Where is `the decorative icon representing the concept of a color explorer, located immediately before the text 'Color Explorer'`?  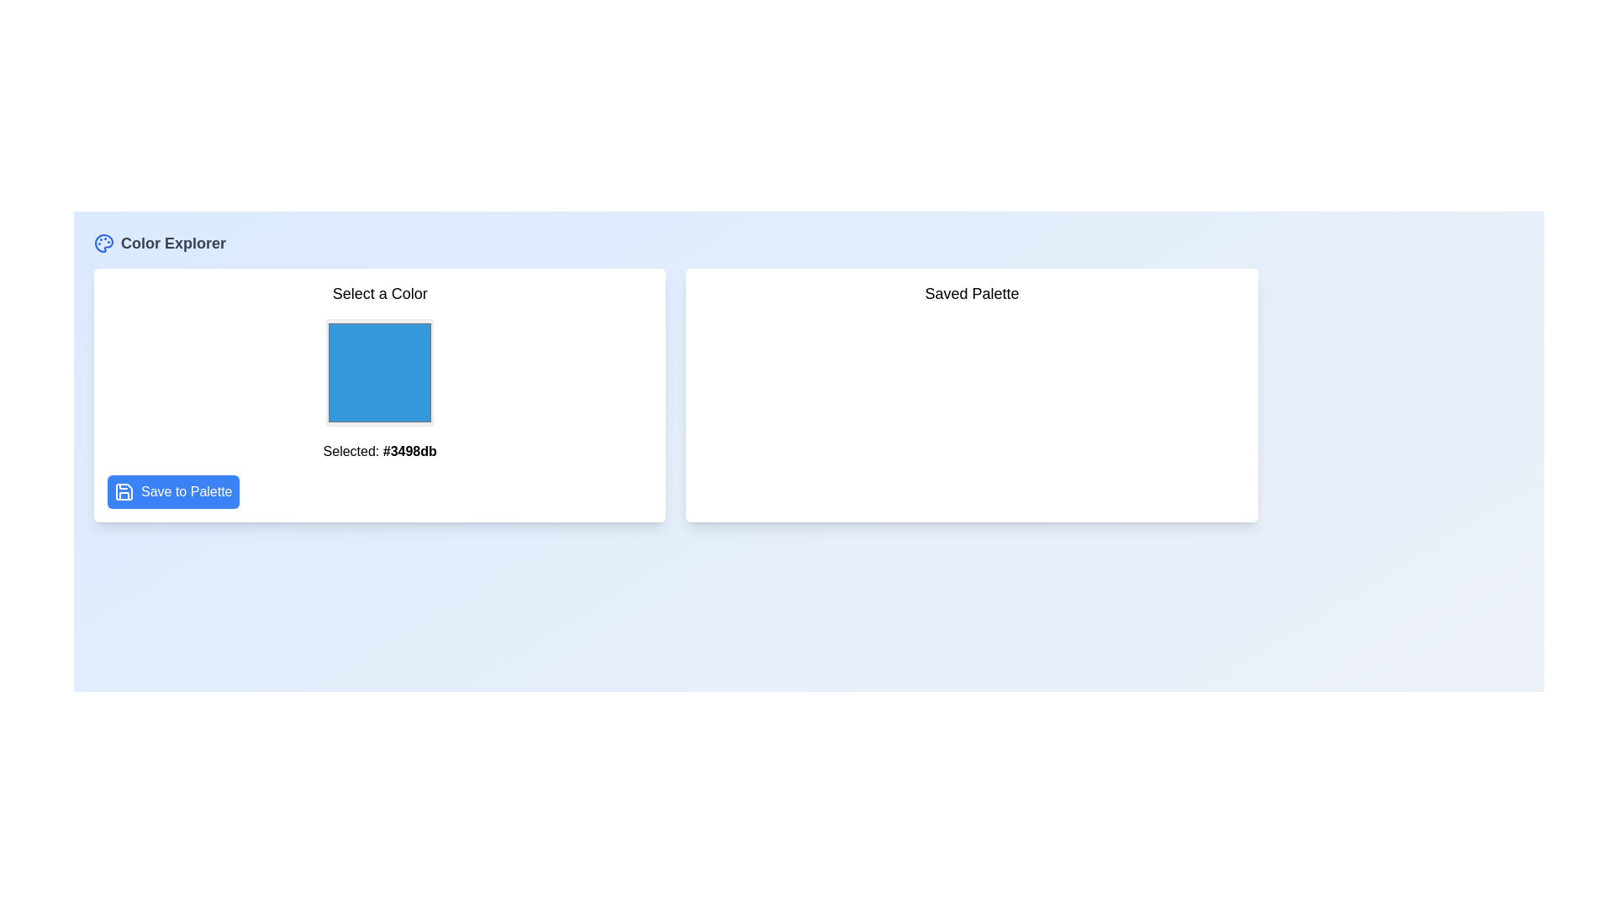 the decorative icon representing the concept of a color explorer, located immediately before the text 'Color Explorer' is located at coordinates (103, 243).